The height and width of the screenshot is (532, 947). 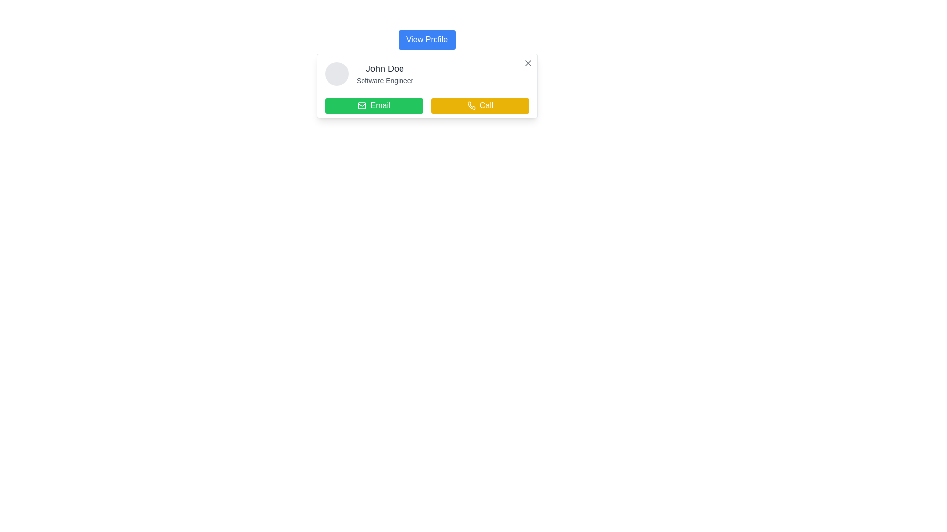 I want to click on the email icon which is centrally aligned within the green button labeled 'Email', located to the left of the yellow 'Call' button at the bottom section of the user profile card, so click(x=362, y=106).